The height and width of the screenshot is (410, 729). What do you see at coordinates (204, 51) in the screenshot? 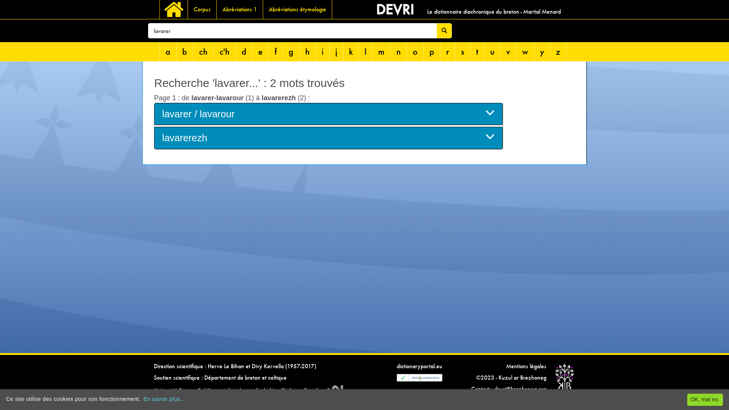
I see `'ch'` at bounding box center [204, 51].